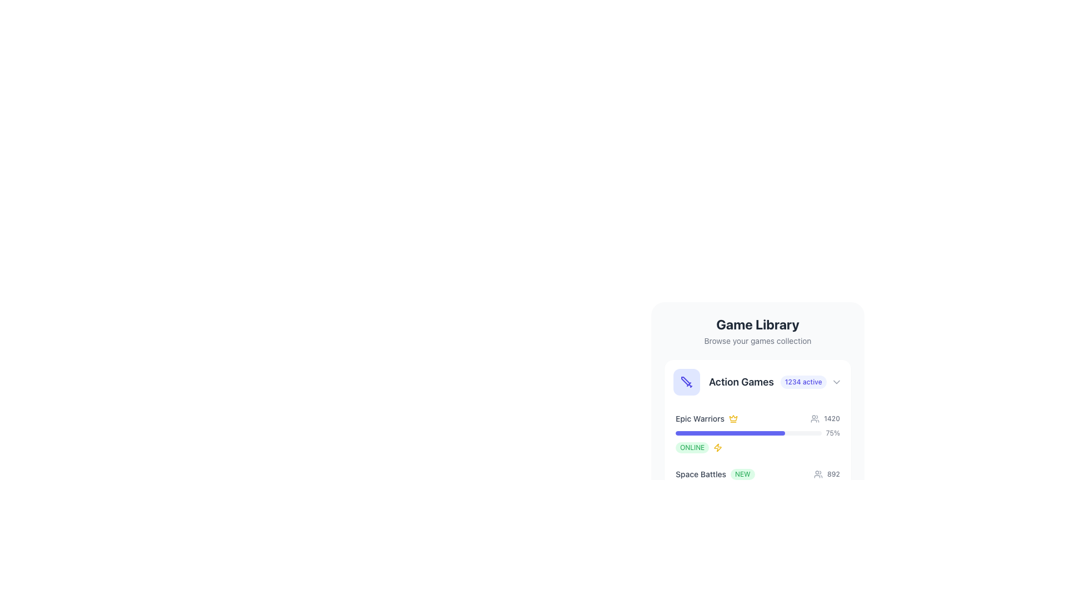  Describe the element at coordinates (837, 383) in the screenshot. I see `the 'Game Library' panel located on the right section of the interface` at that location.